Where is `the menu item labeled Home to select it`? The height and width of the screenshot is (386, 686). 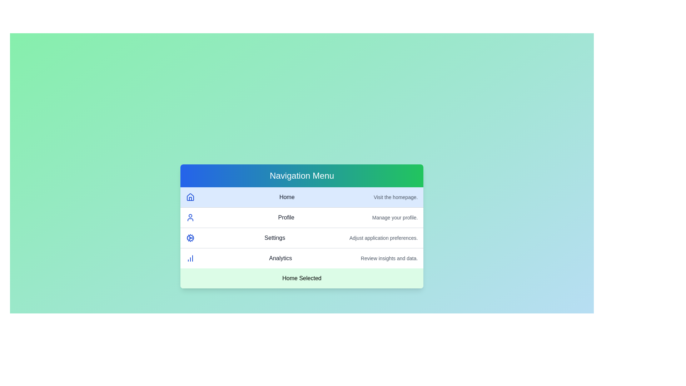 the menu item labeled Home to select it is located at coordinates (302, 197).